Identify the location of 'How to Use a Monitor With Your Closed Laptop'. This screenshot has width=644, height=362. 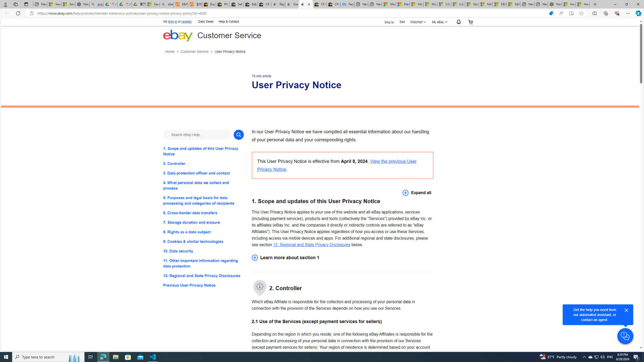
(582, 4).